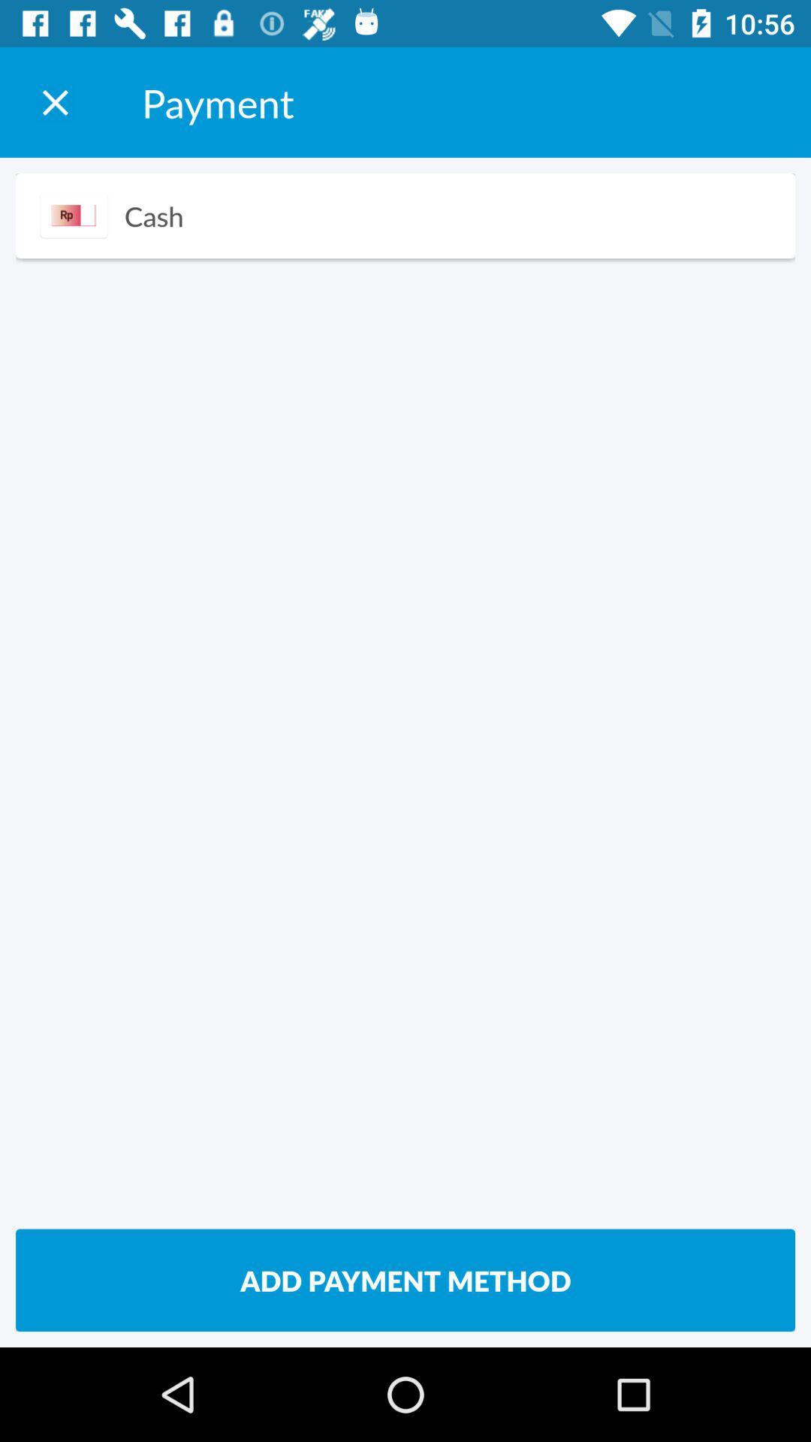 The width and height of the screenshot is (811, 1442). I want to click on the icon to the left of the cash icon, so click(74, 215).